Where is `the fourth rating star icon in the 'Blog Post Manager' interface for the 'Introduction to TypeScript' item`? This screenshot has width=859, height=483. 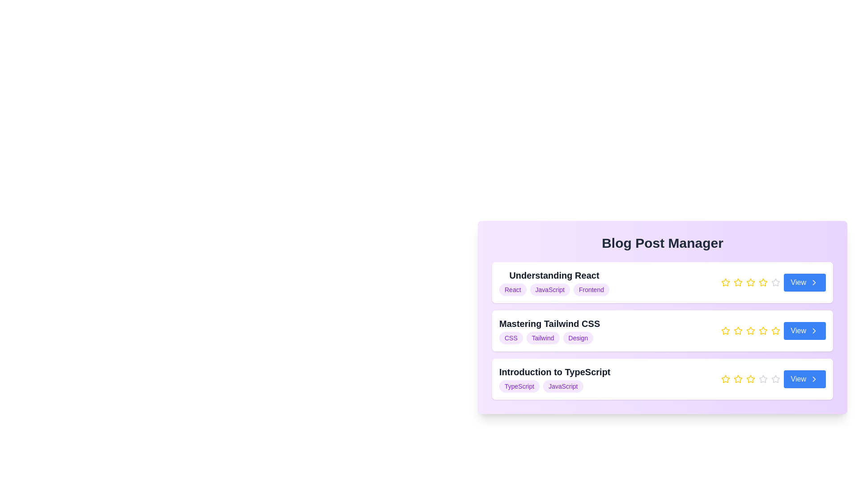
the fourth rating star icon in the 'Blog Post Manager' interface for the 'Introduction to TypeScript' item is located at coordinates (750, 379).